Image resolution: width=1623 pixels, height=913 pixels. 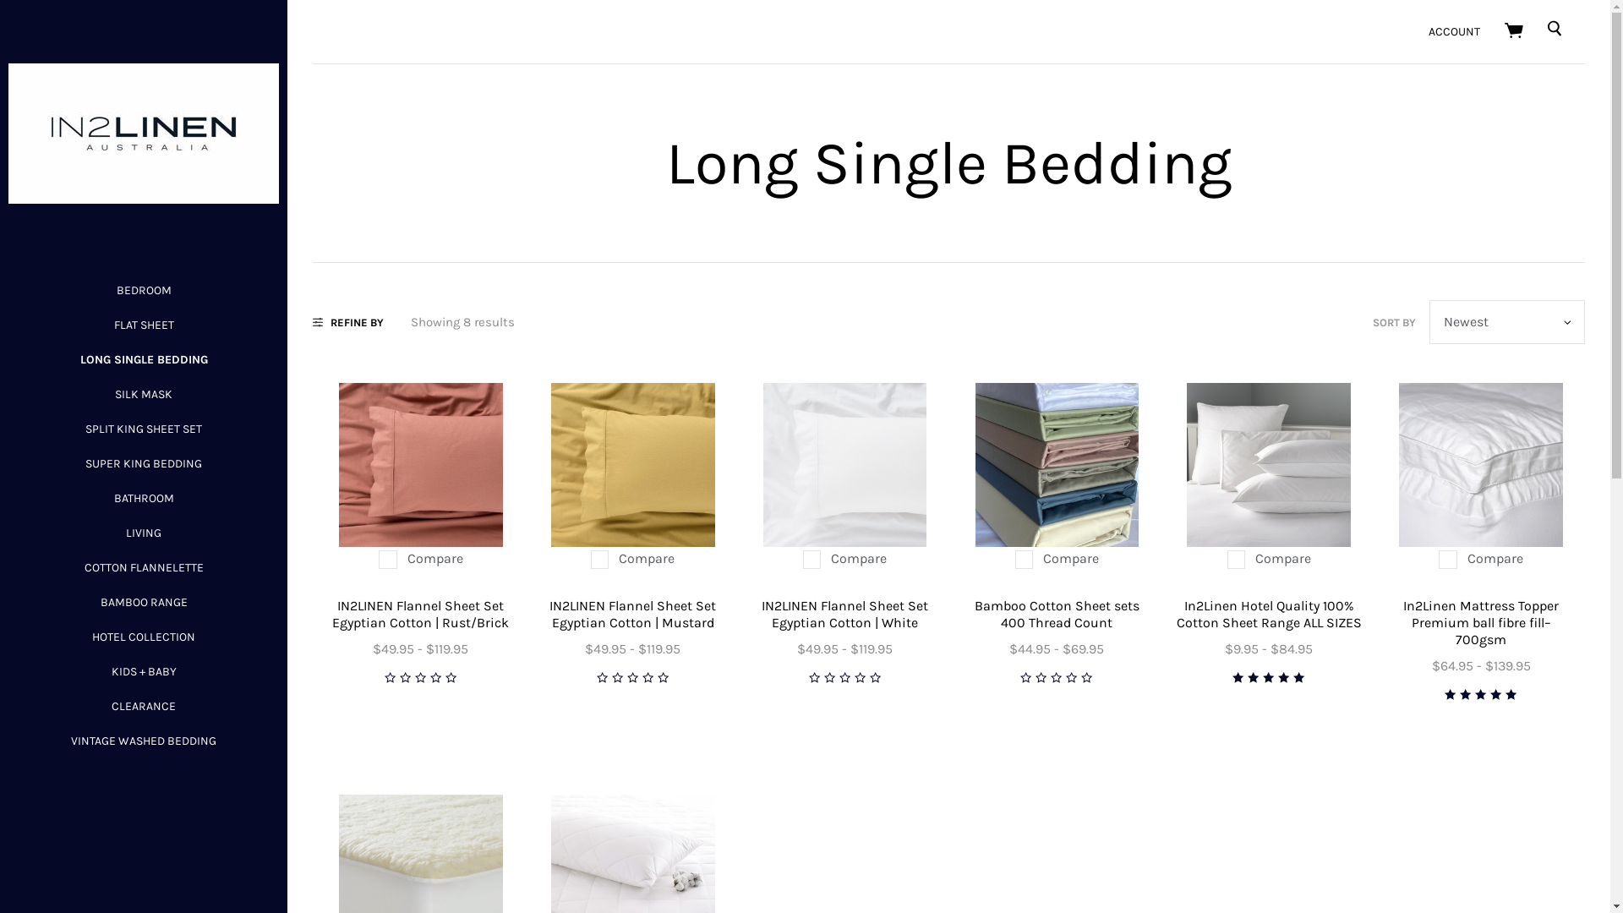 I want to click on 'LIVING', so click(x=143, y=533).